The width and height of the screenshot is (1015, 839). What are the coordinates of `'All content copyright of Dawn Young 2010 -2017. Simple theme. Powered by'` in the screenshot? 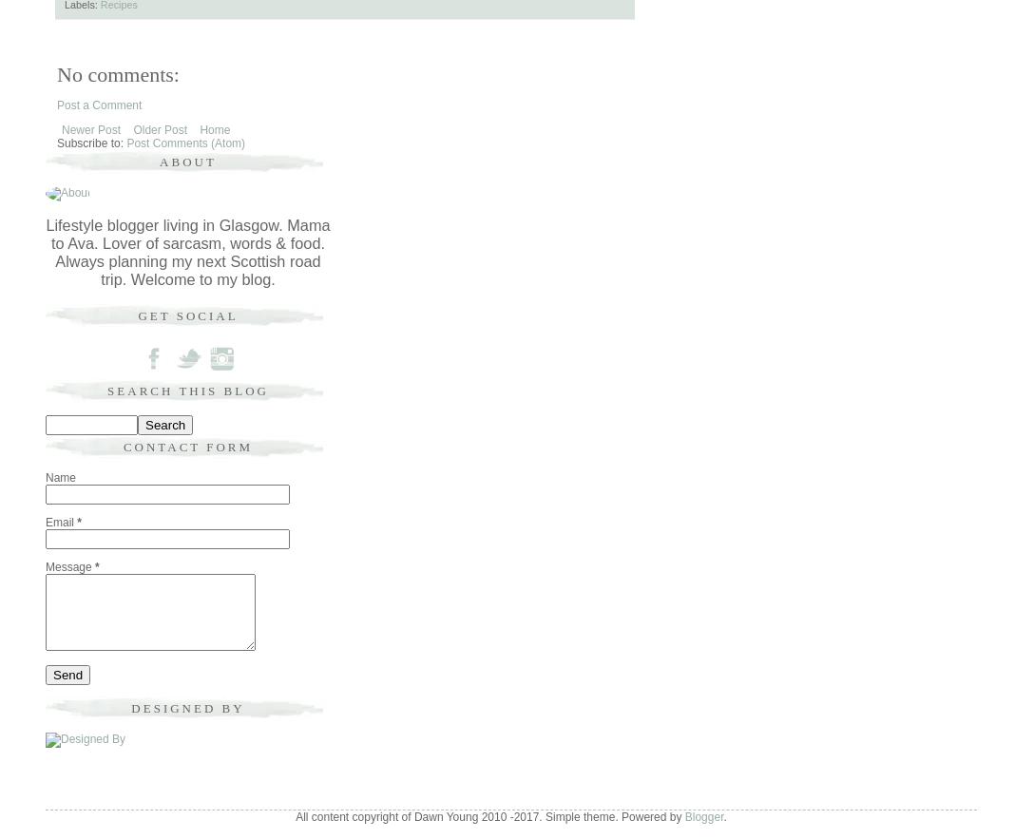 It's located at (489, 816).